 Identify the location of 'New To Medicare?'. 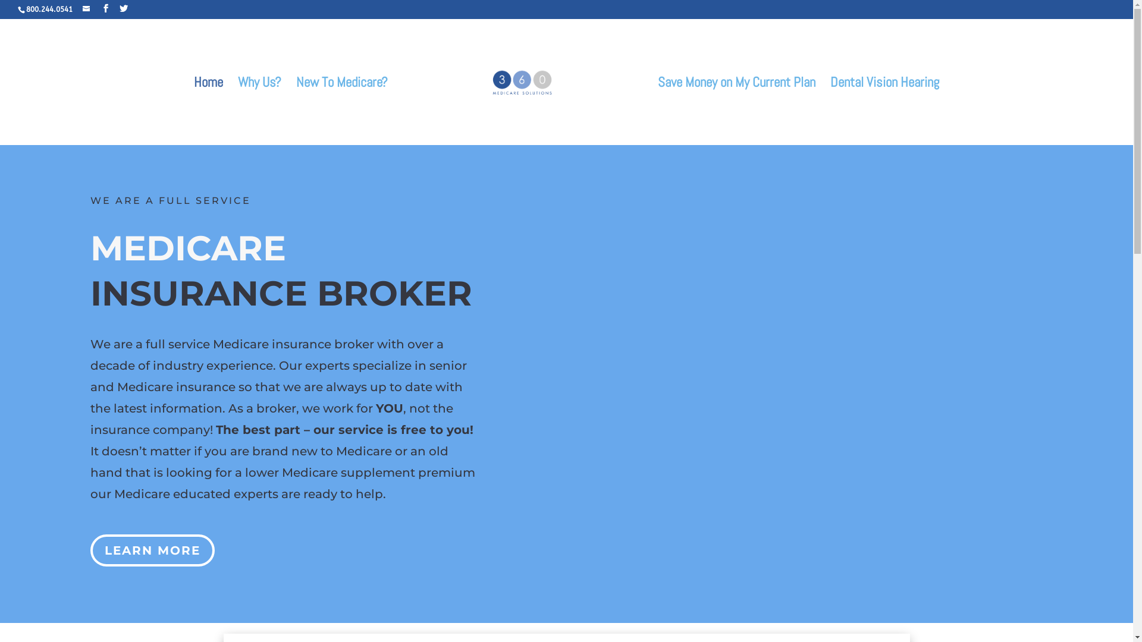
(341, 111).